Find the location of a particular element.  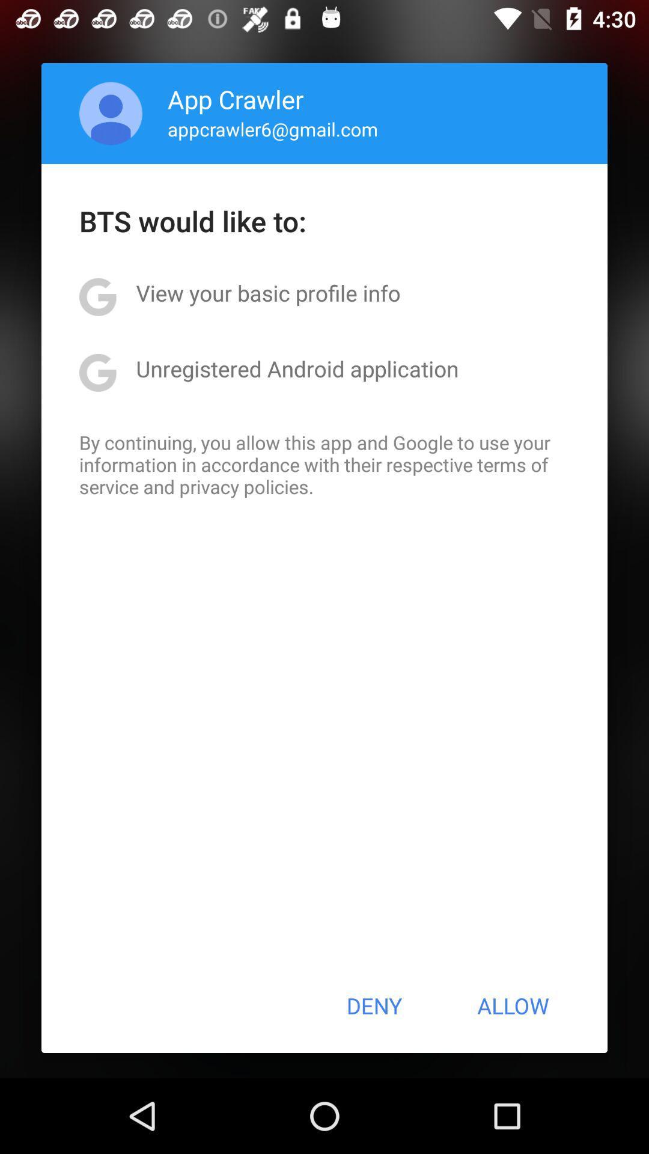

button next to the allow button is located at coordinates (373, 1006).